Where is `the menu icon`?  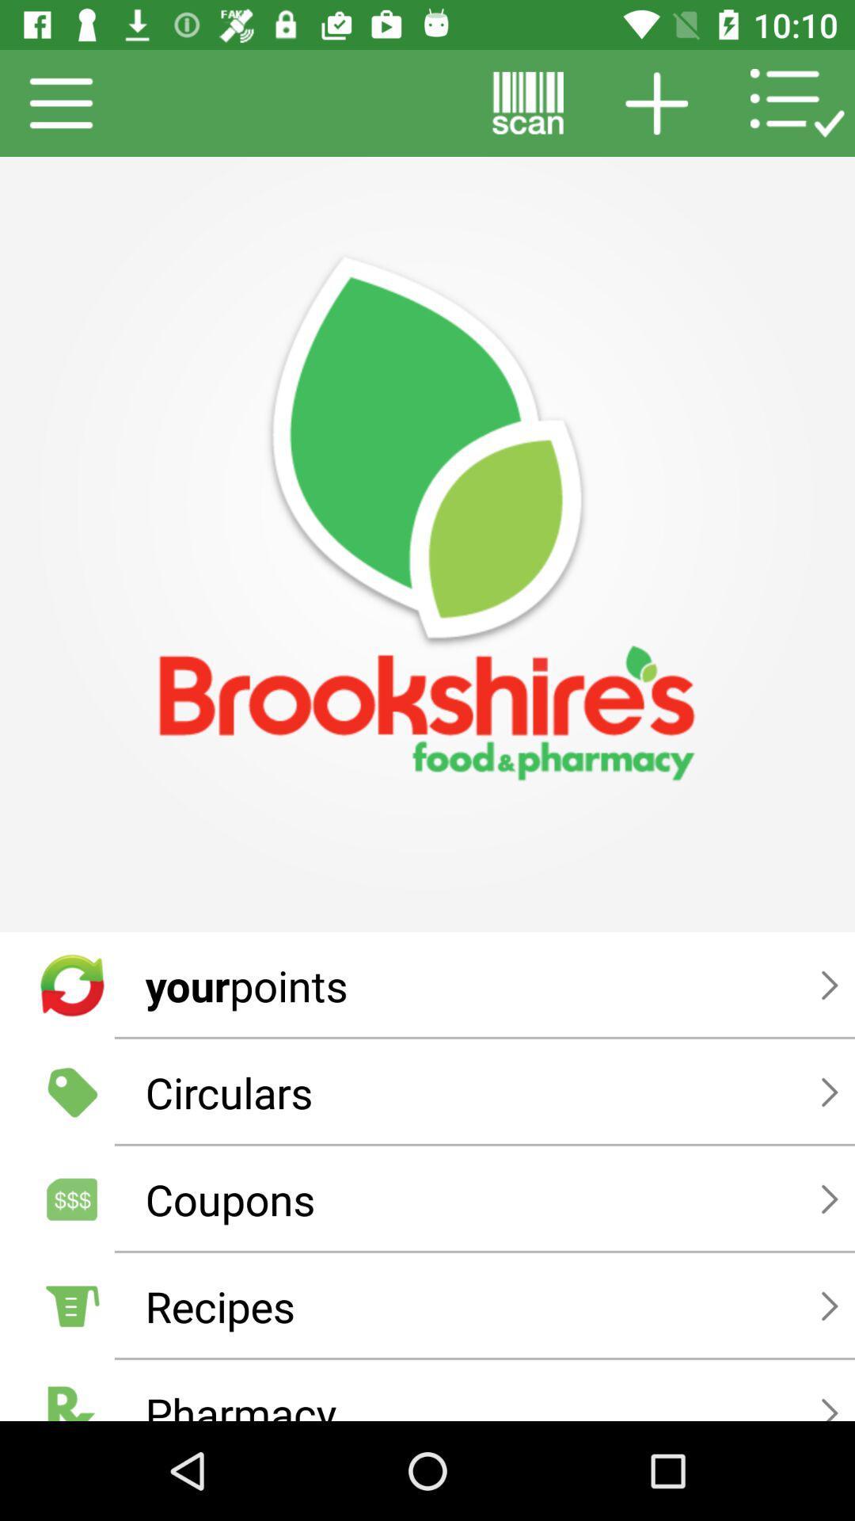 the menu icon is located at coordinates (61, 102).